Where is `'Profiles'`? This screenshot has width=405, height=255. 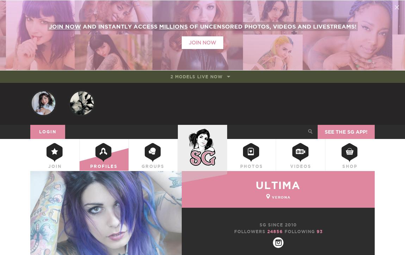 'Profiles' is located at coordinates (104, 167).